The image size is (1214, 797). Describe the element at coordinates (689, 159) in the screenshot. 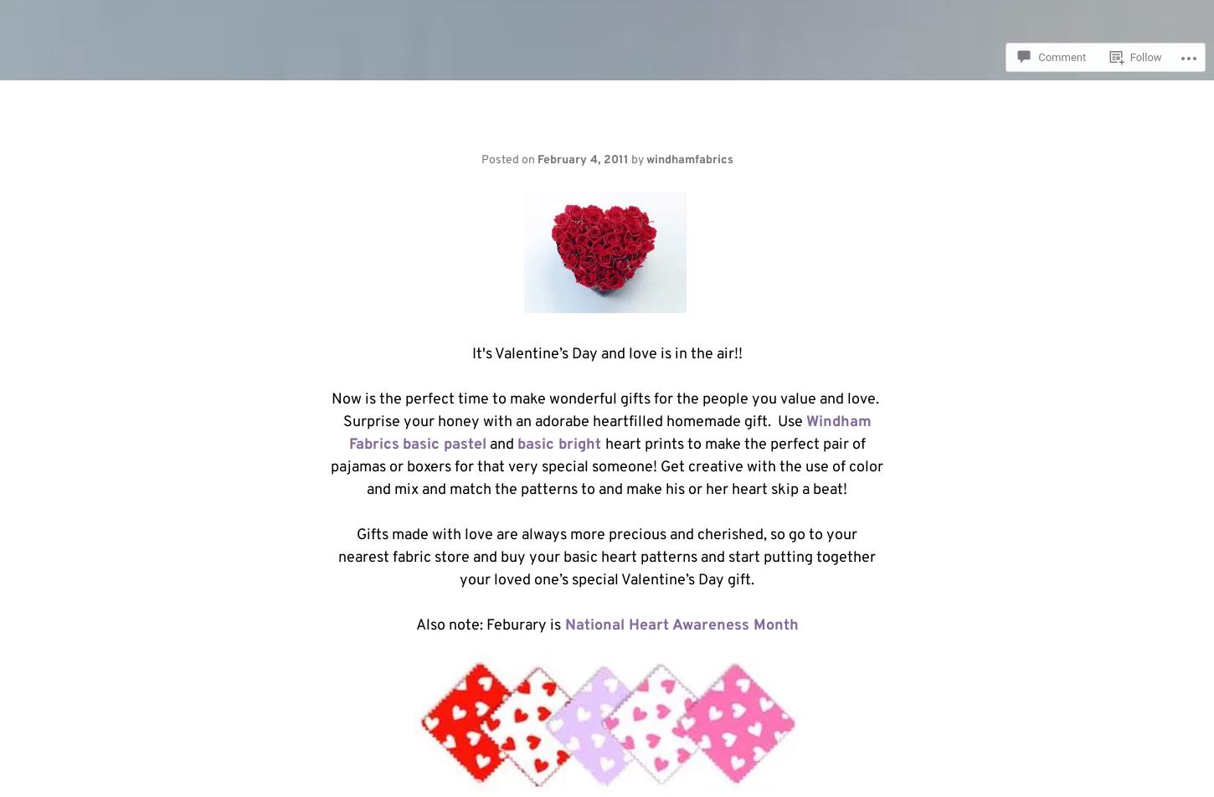

I see `'windhamfabrics'` at that location.